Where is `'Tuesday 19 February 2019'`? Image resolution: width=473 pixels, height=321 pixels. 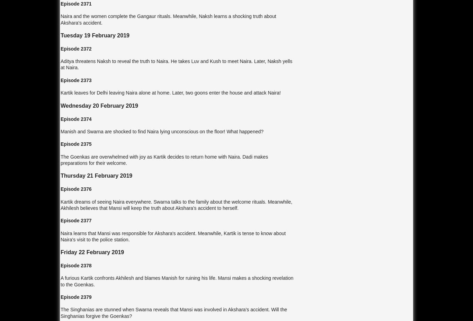 'Tuesday 19 February 2019' is located at coordinates (95, 35).